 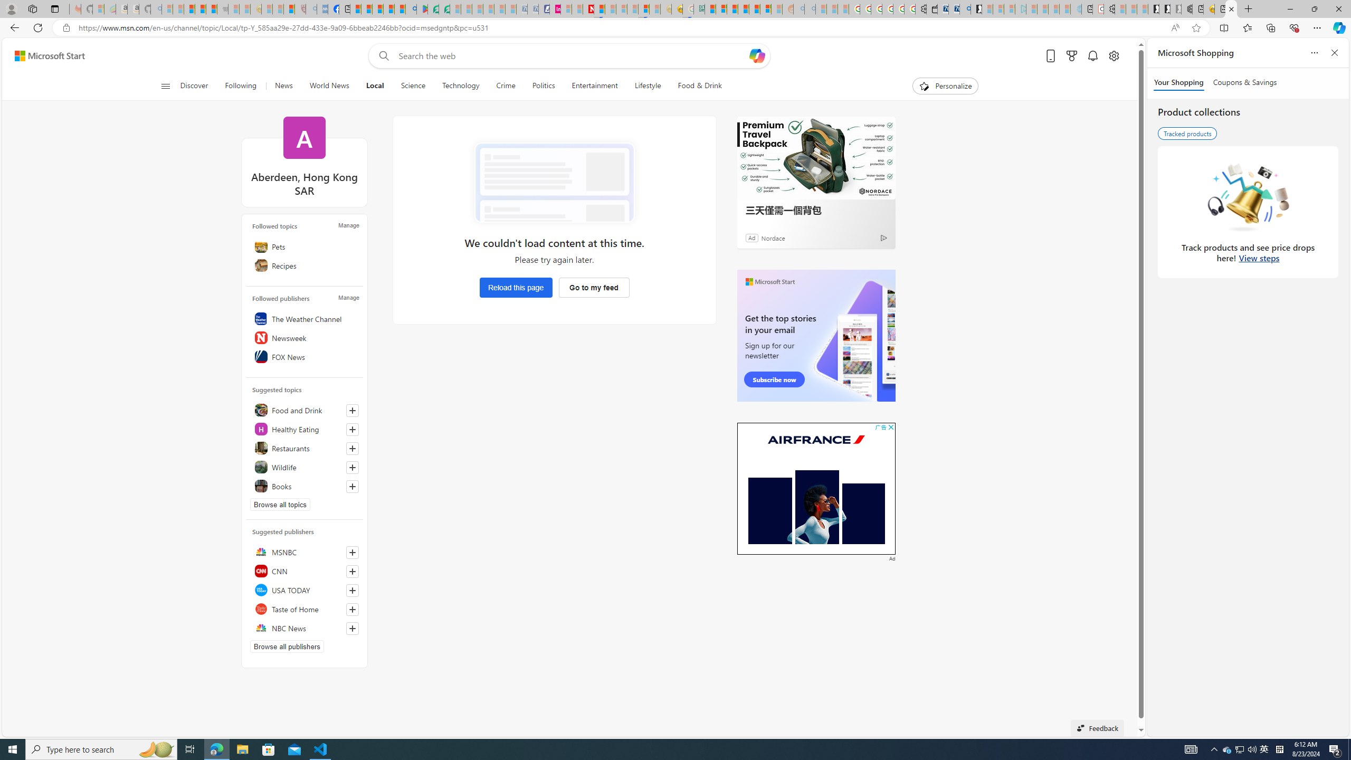 What do you see at coordinates (374, 85) in the screenshot?
I see `'Local'` at bounding box center [374, 85].